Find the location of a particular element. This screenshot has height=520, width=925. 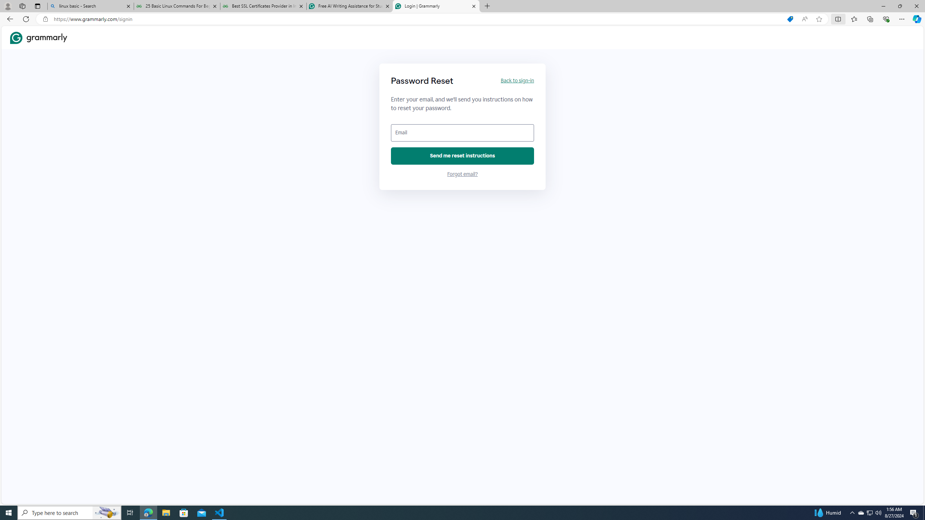

'Back to sign-in' is located at coordinates (517, 80).